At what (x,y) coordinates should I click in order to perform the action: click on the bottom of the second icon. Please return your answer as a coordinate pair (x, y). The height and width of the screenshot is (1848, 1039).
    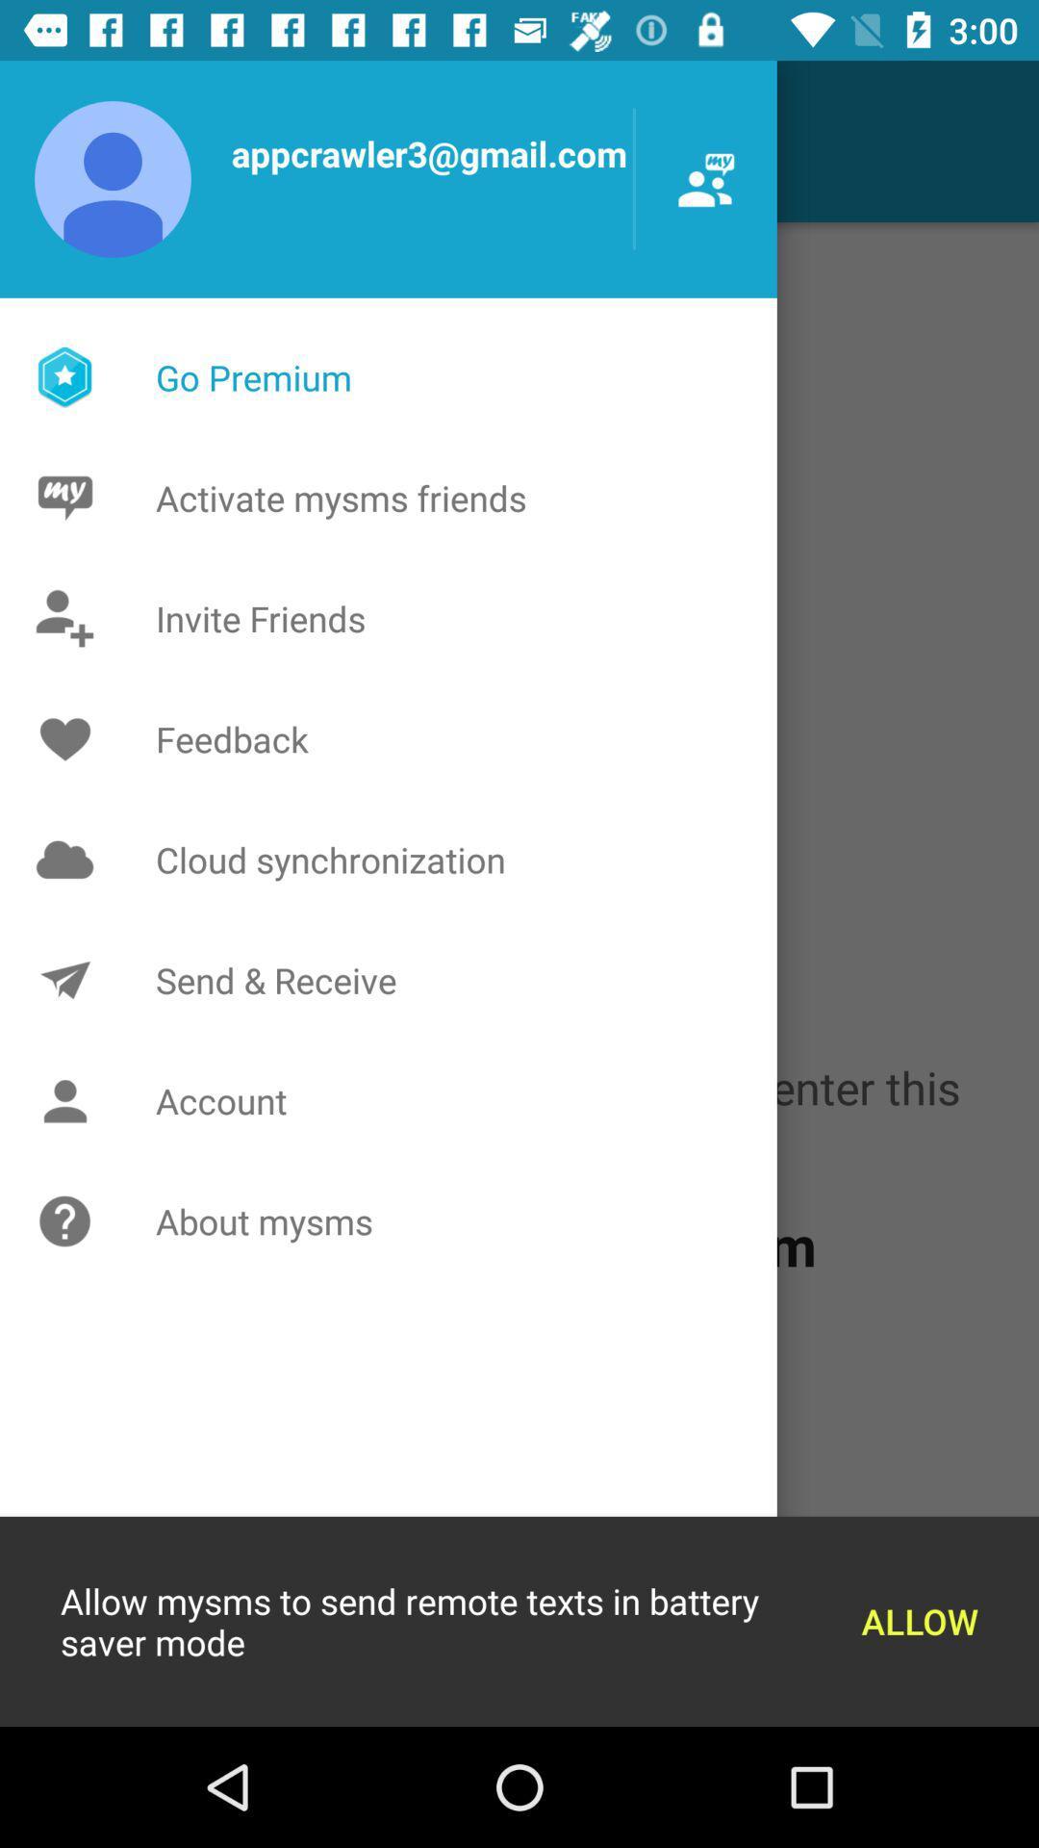
    Looking at the image, I should click on (69, 1100).